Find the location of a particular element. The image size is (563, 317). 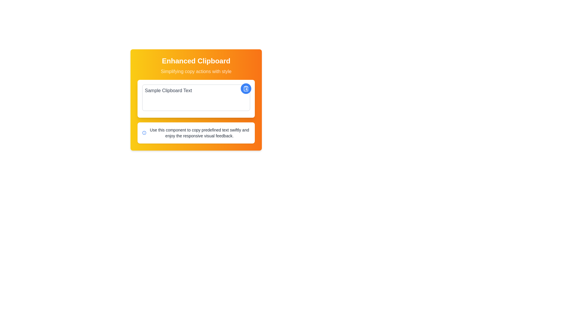

the circular SVG graphical element with a solid border located at the center of the SVG icon in the top left corner of a card-like component is located at coordinates (144, 133).